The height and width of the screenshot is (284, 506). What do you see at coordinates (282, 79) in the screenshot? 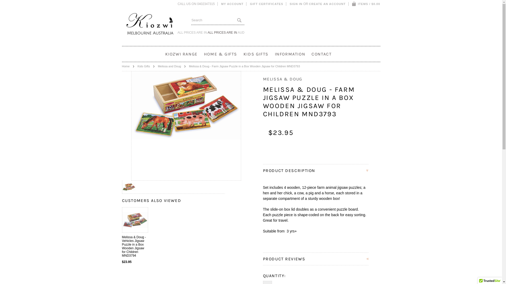
I see `'MELISSA & DOUG'` at bounding box center [282, 79].